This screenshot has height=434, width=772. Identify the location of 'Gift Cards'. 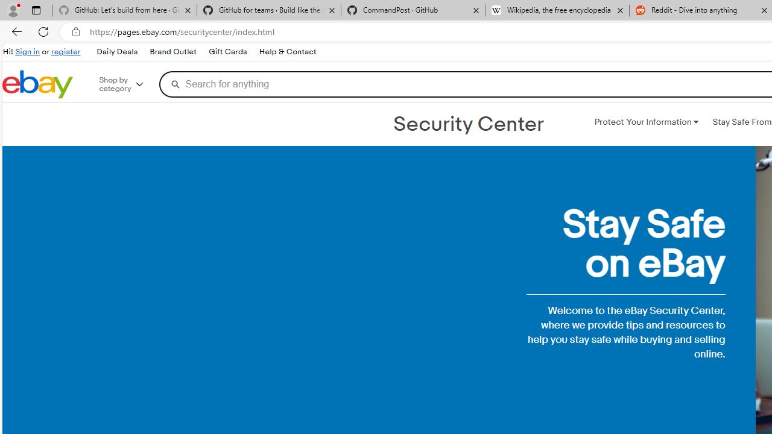
(227, 52).